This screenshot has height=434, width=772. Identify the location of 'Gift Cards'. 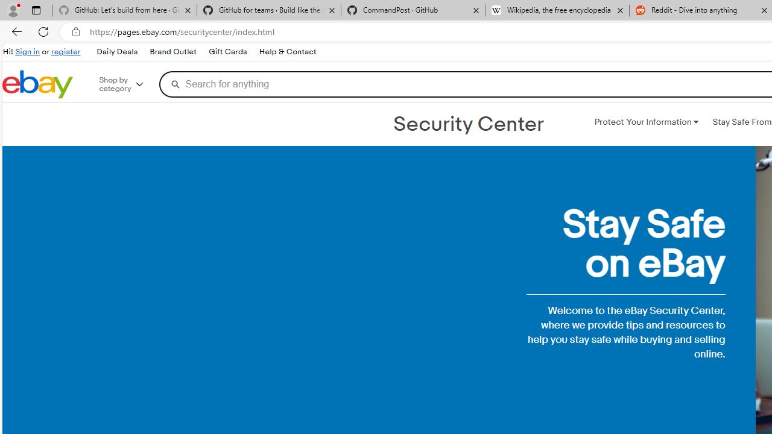
(227, 52).